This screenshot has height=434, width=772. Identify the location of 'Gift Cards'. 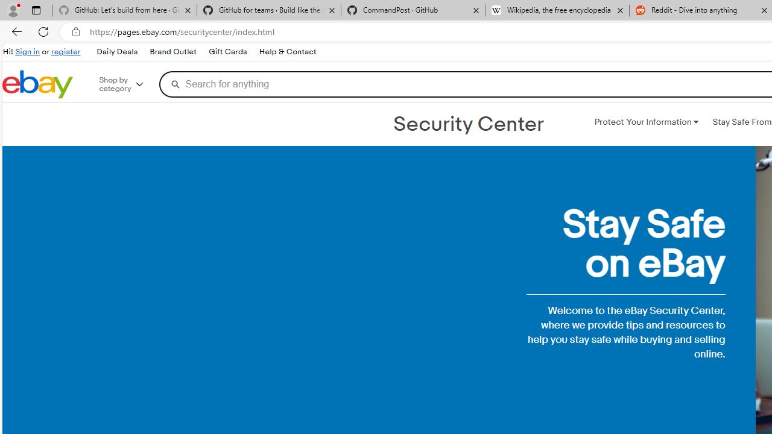
(227, 52).